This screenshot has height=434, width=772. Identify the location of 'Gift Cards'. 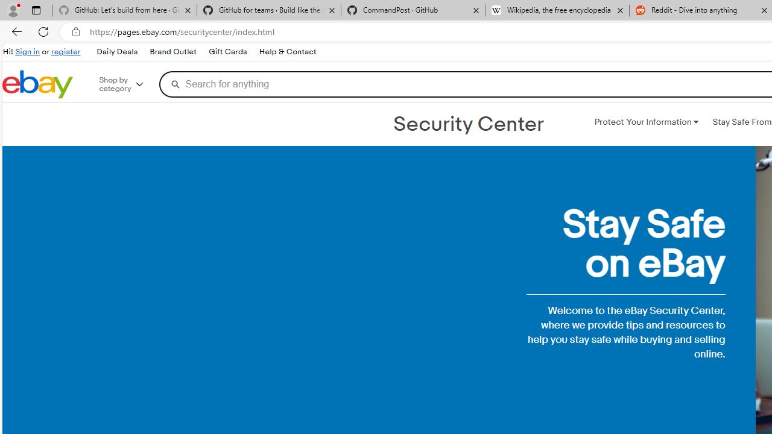
(227, 52).